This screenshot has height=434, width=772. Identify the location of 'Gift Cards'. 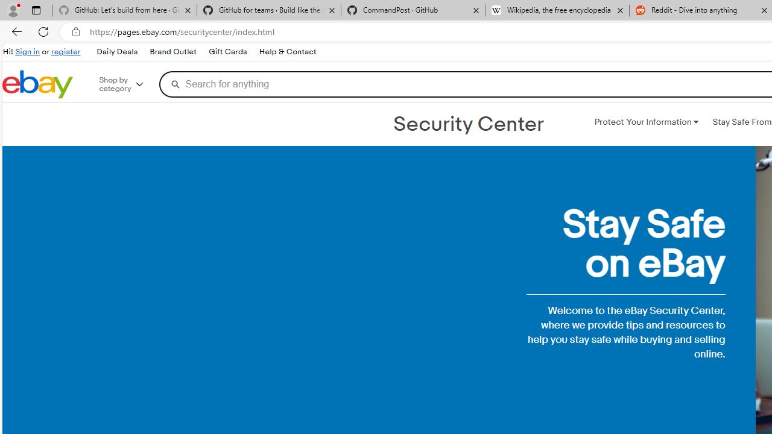
(227, 52).